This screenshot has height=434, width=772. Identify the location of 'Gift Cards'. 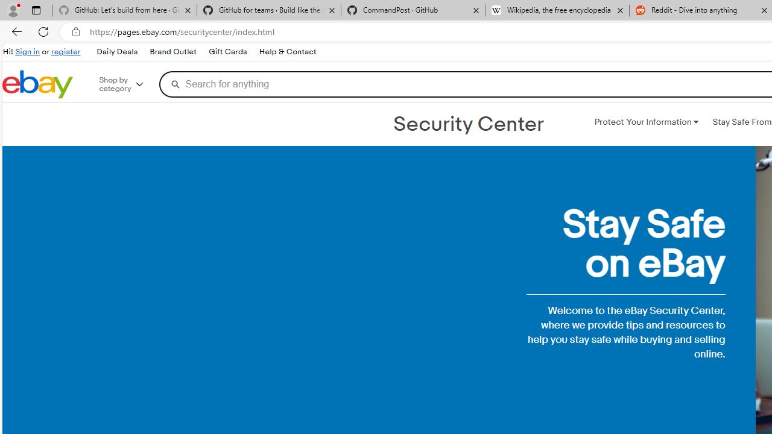
(227, 52).